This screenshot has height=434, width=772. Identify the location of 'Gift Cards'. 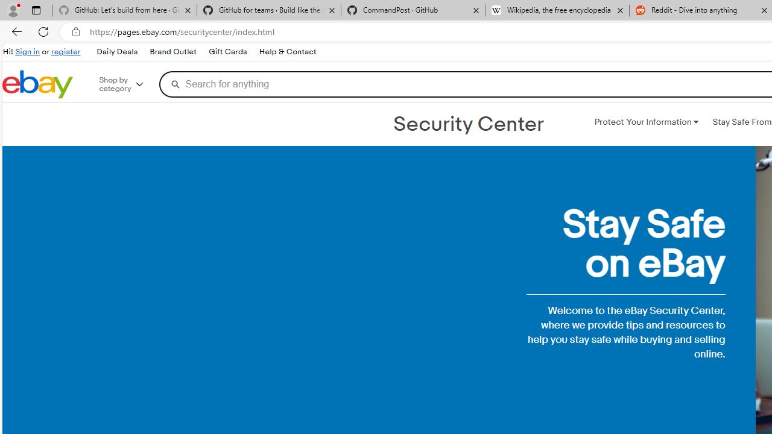
(227, 52).